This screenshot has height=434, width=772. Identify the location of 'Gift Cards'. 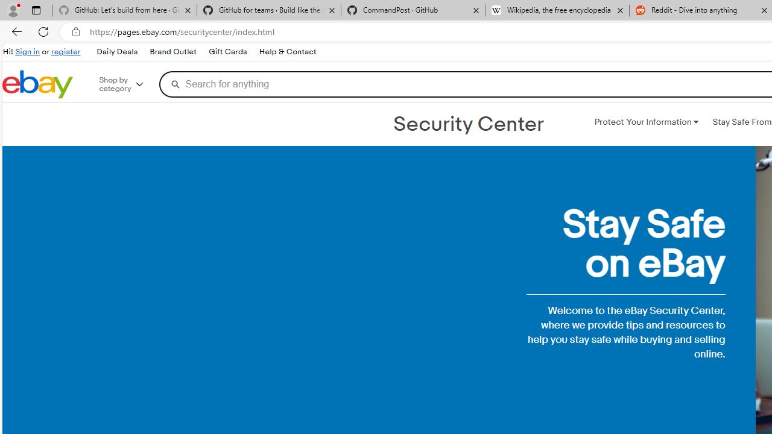
(227, 52).